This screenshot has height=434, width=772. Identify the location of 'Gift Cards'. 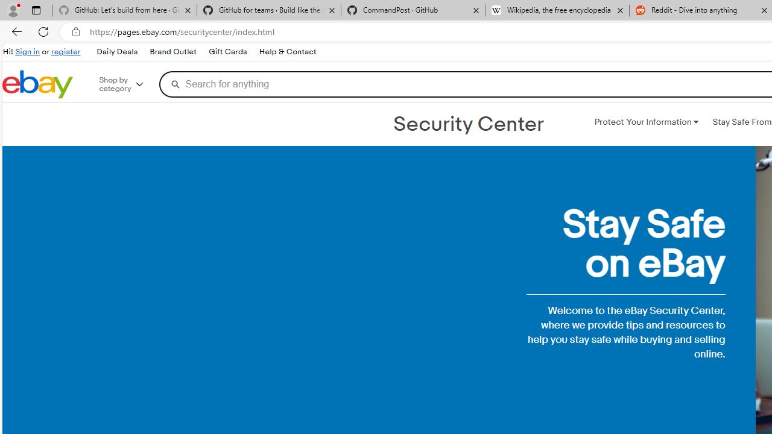
(227, 52).